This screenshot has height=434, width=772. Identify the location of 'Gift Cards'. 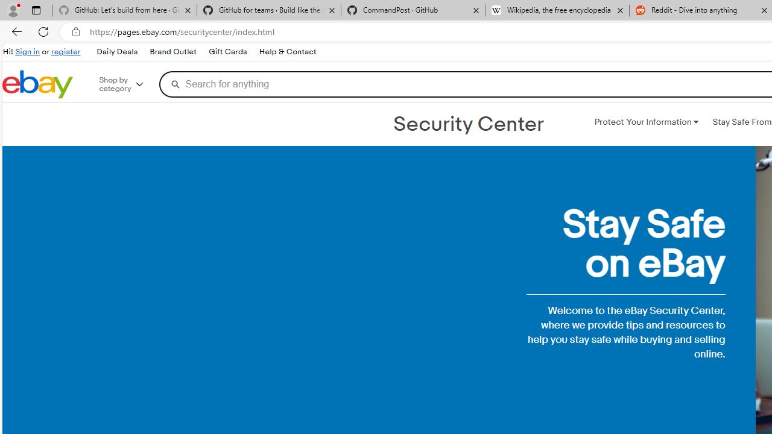
(227, 52).